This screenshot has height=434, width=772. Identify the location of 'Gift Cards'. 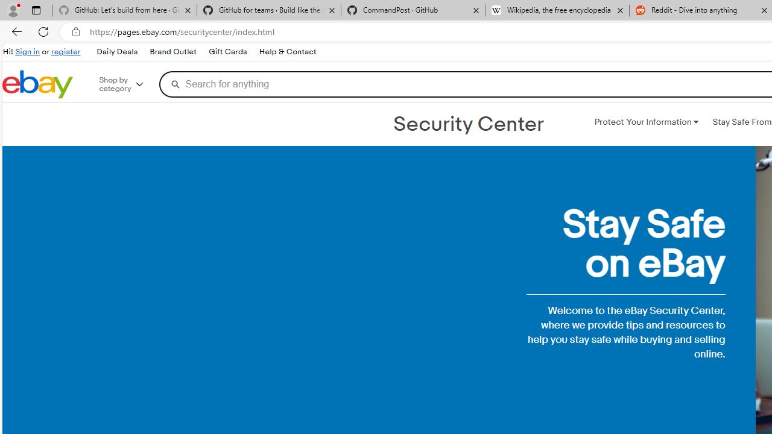
(227, 52).